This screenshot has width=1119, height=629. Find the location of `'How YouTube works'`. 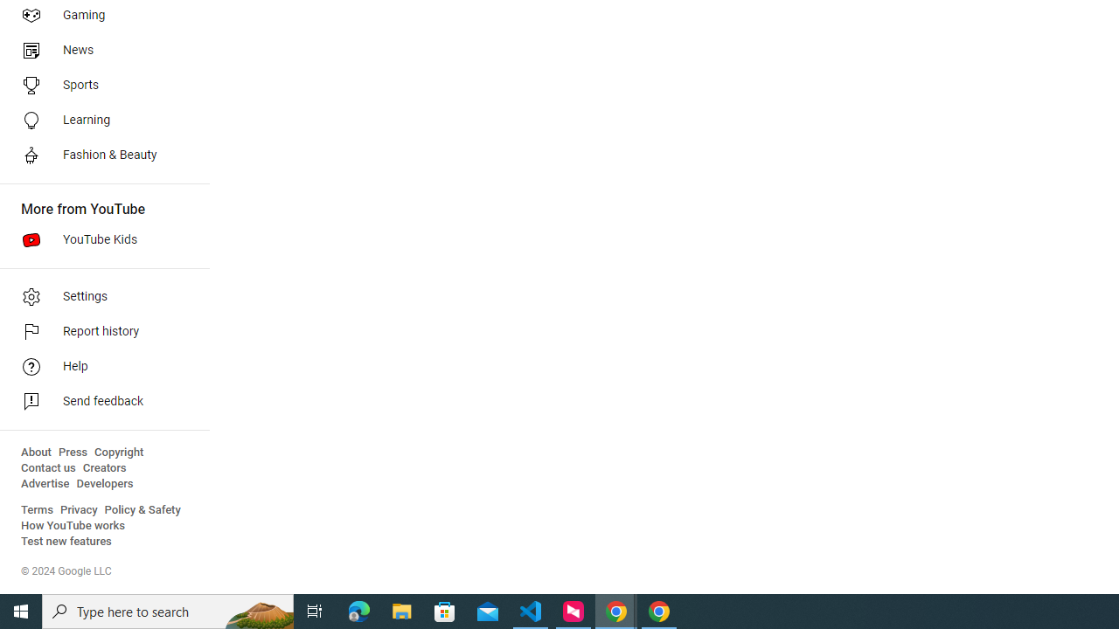

'How YouTube works' is located at coordinates (72, 525).